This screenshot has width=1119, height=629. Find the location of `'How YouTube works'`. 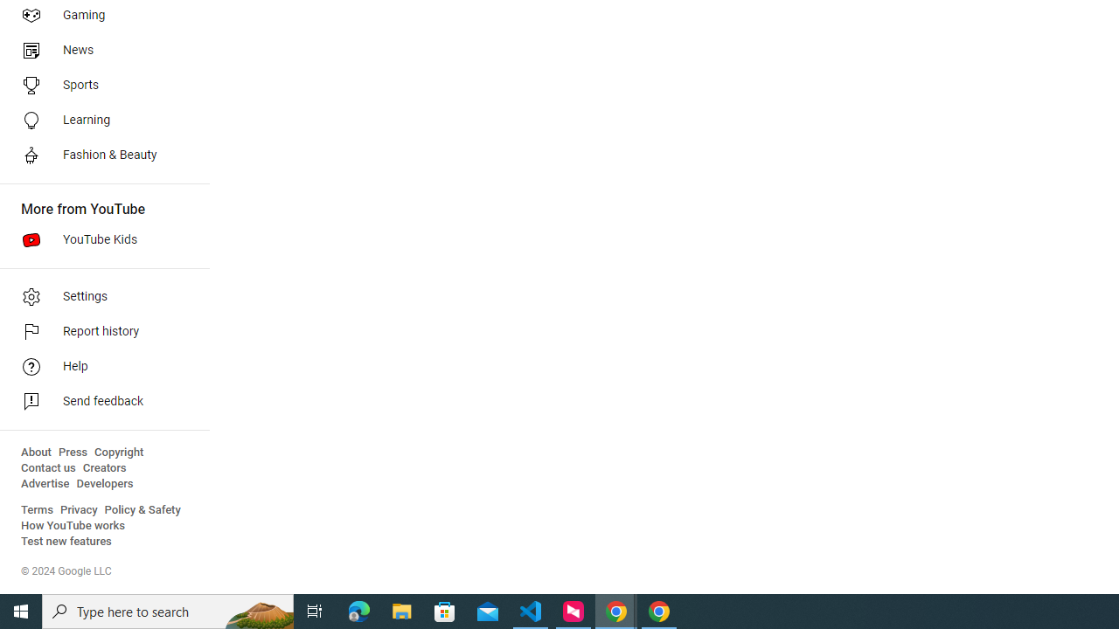

'How YouTube works' is located at coordinates (72, 525).